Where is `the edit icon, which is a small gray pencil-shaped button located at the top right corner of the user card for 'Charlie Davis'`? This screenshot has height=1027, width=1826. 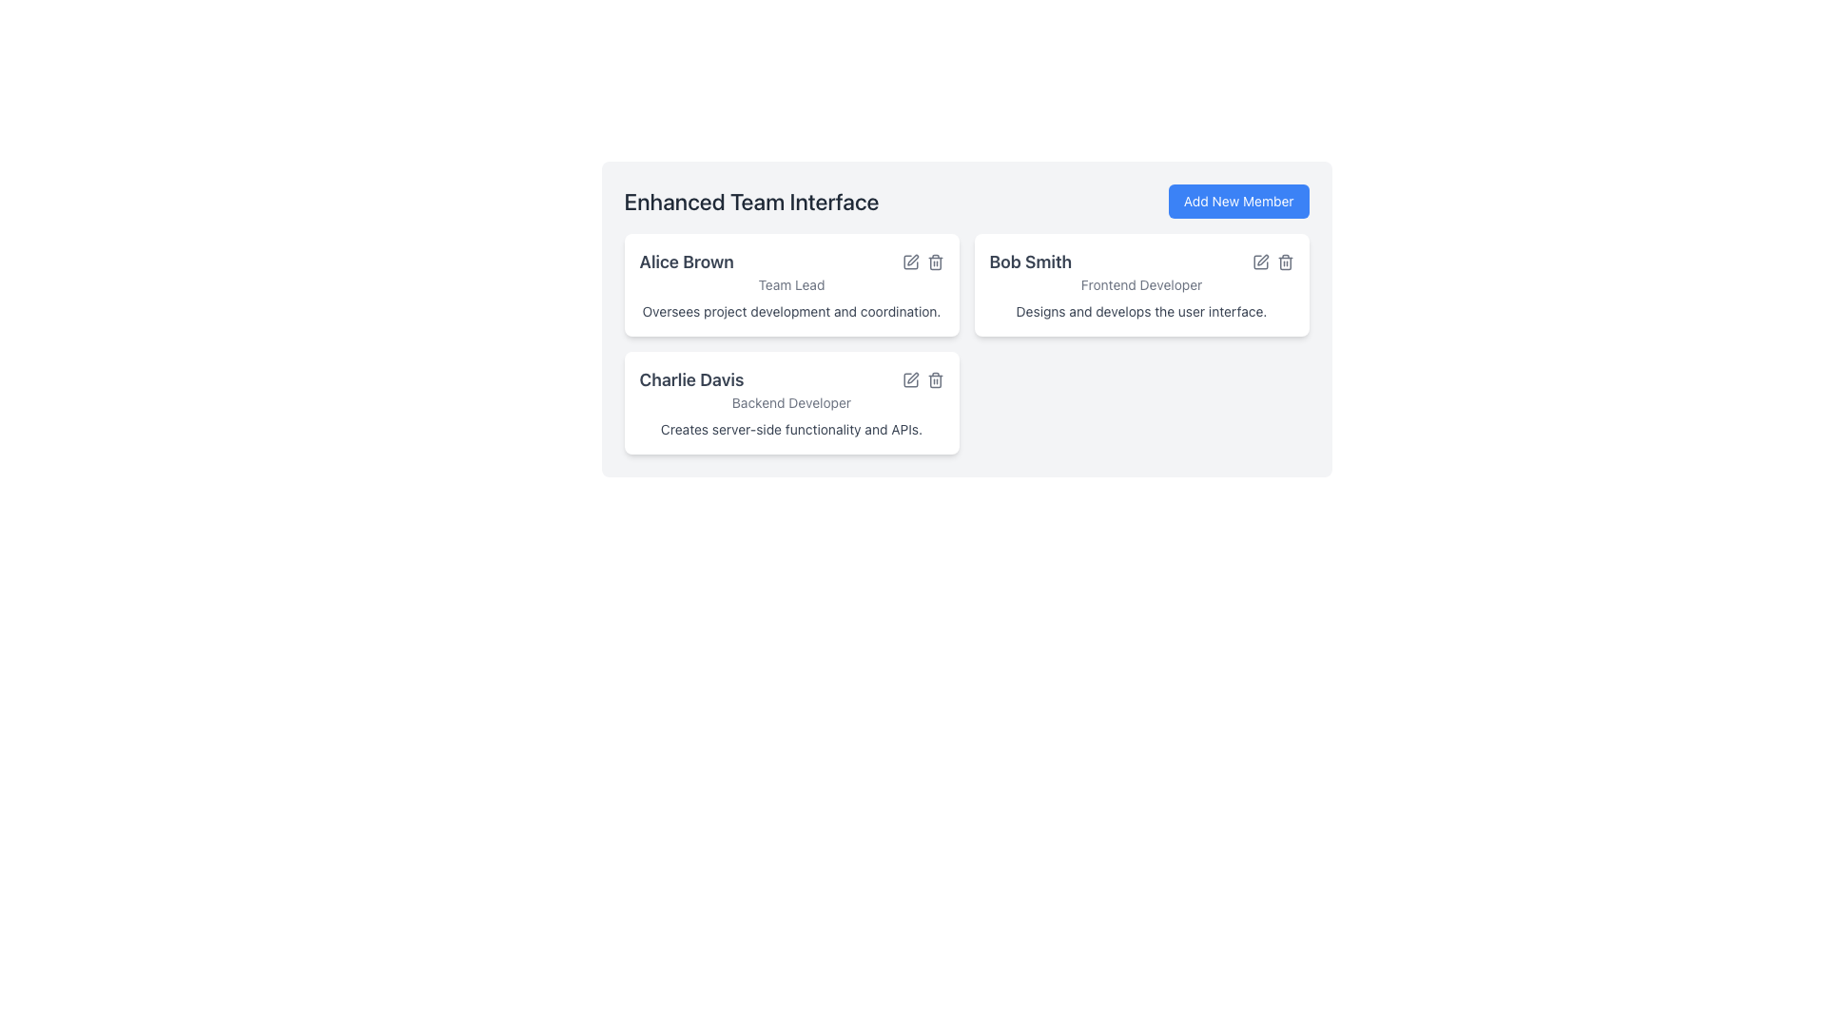 the edit icon, which is a small gray pencil-shaped button located at the top right corner of the user card for 'Charlie Davis' is located at coordinates (909, 380).